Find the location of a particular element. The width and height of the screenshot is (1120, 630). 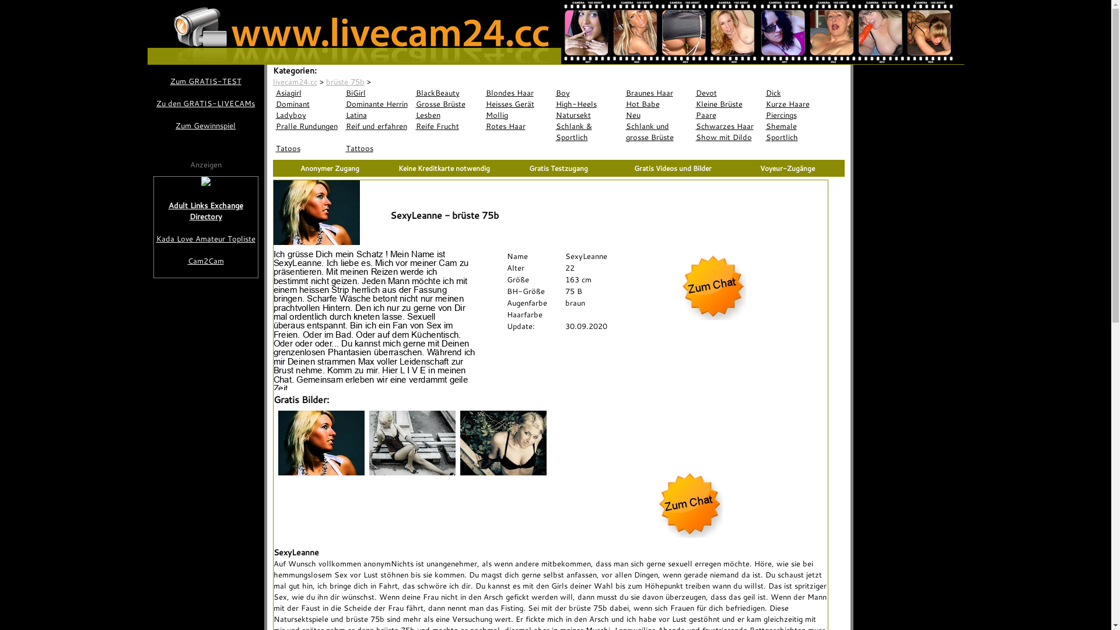

'Reif und erfahren' is located at coordinates (378, 126).